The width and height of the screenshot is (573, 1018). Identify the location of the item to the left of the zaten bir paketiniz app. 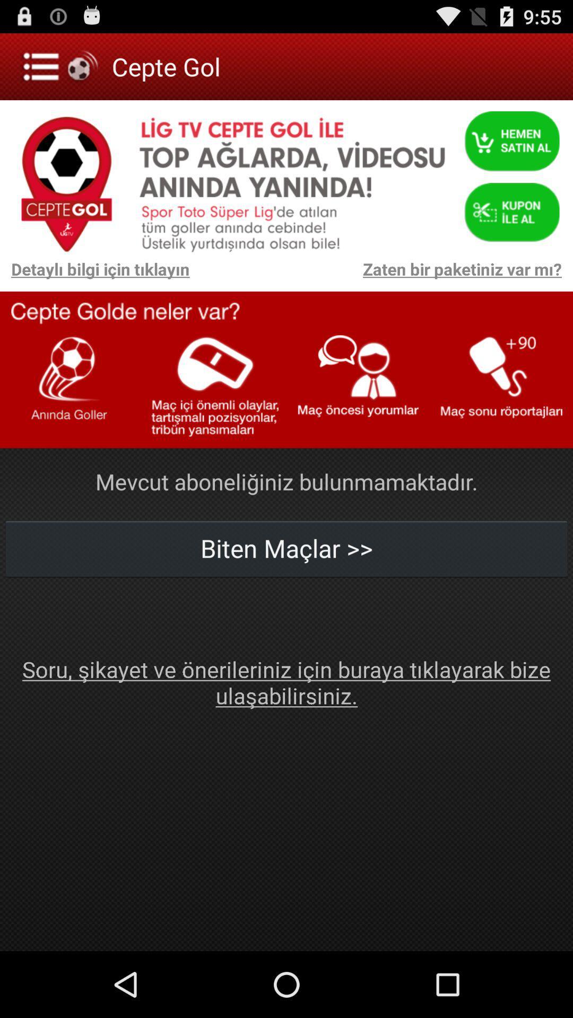
(94, 274).